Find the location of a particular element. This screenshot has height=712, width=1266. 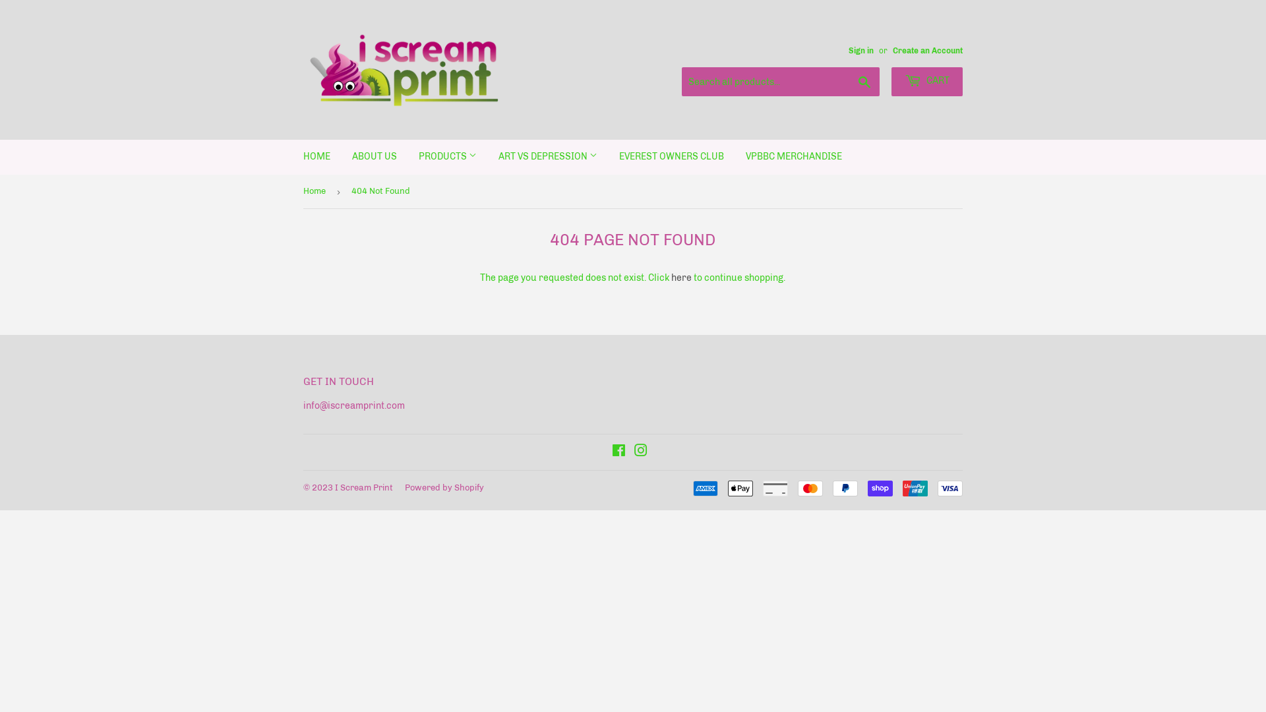

'ART VS DEPRESSION' is located at coordinates (547, 156).